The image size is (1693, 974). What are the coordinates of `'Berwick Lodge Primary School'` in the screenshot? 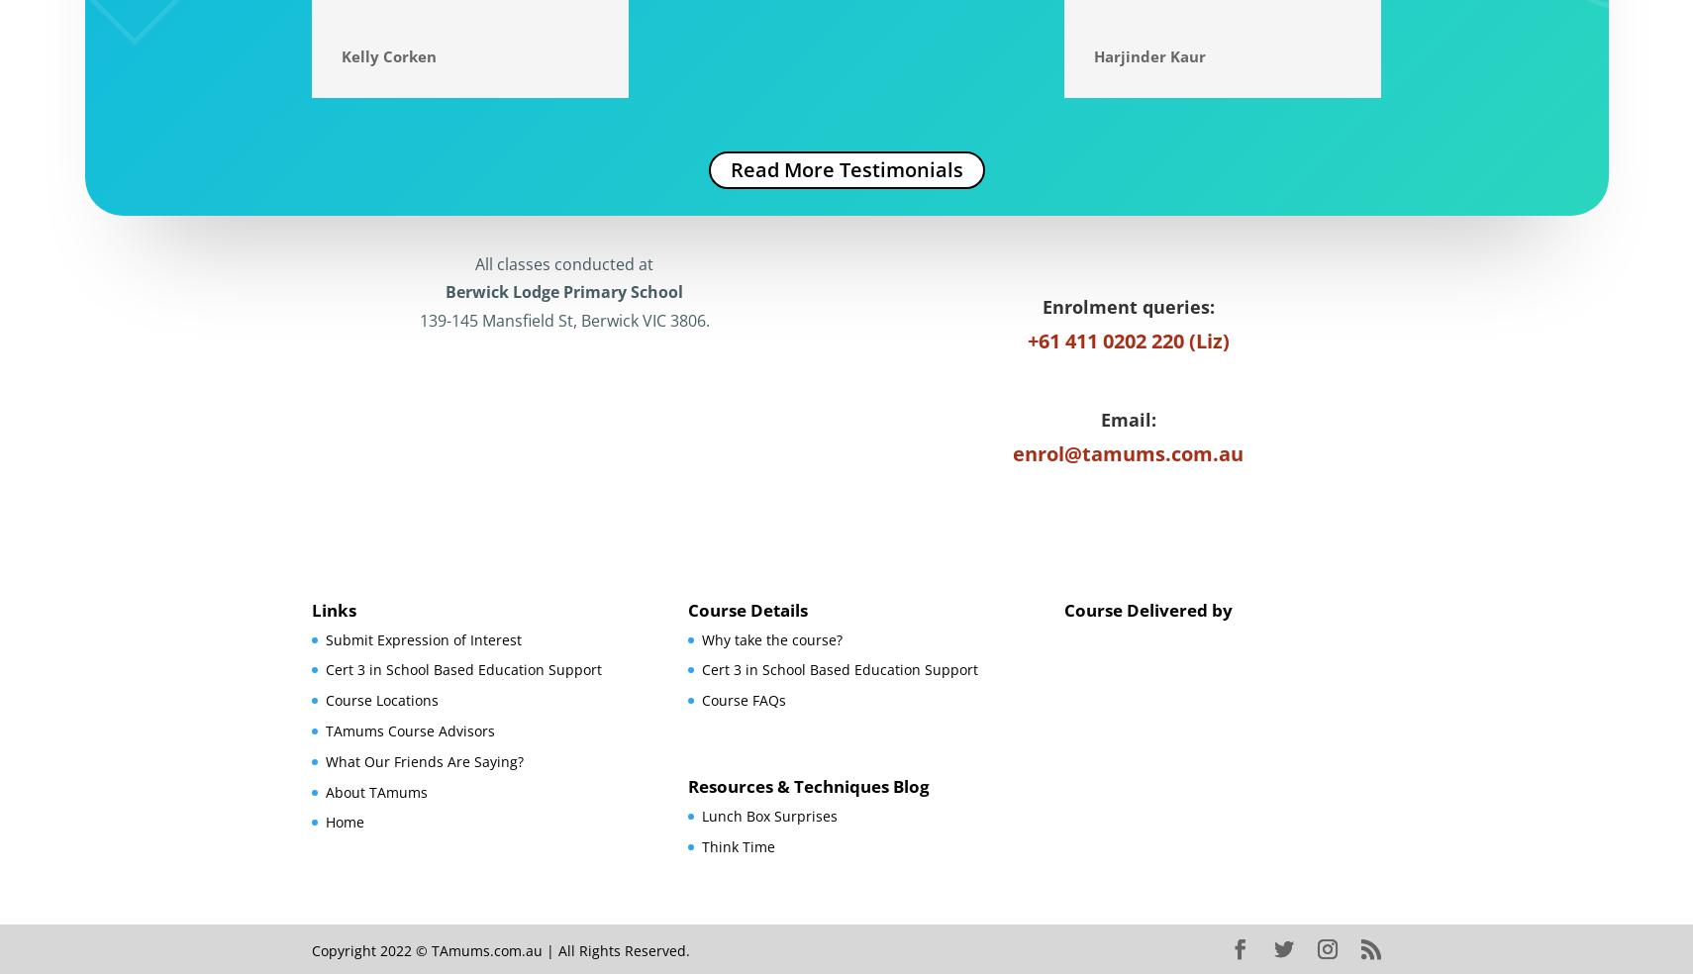 It's located at (563, 291).